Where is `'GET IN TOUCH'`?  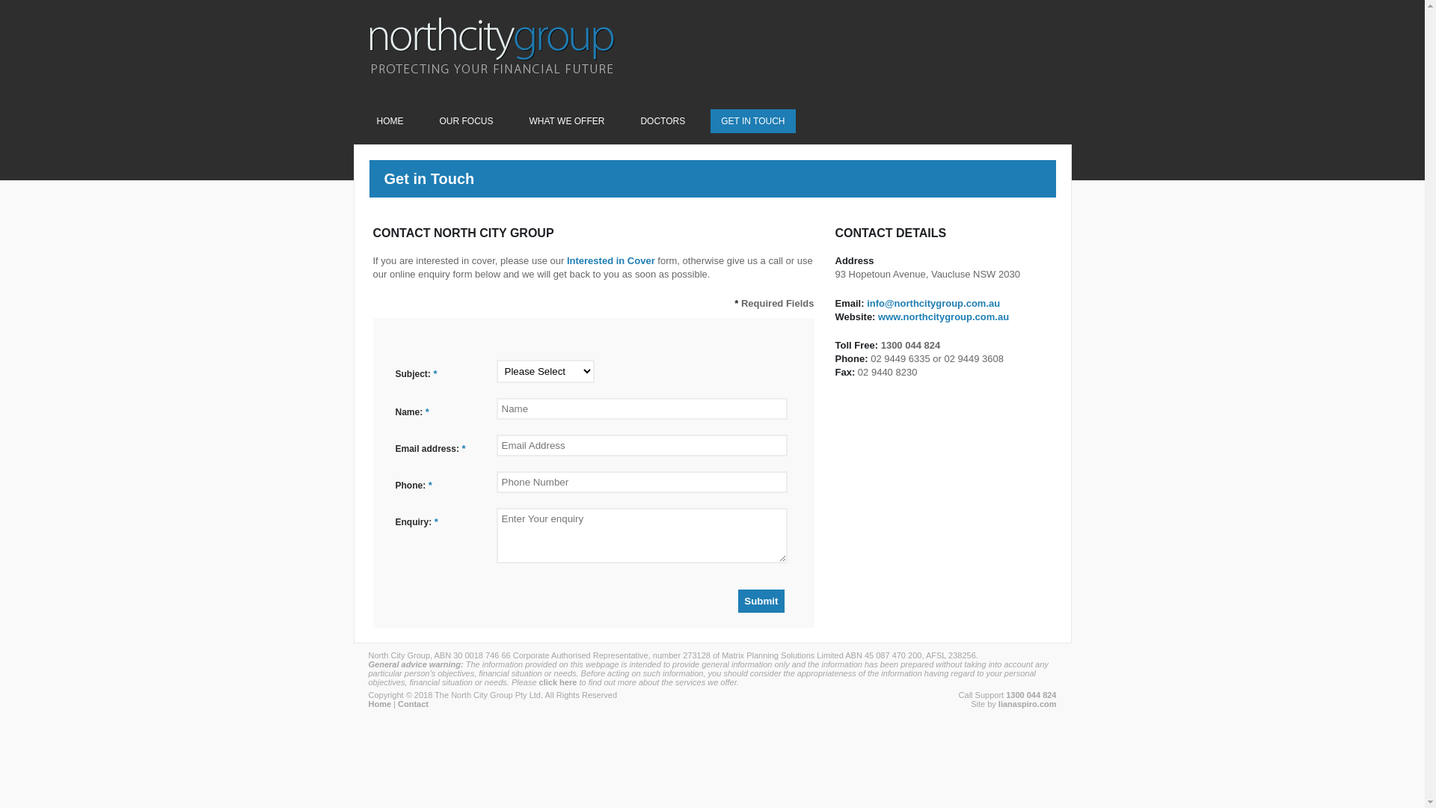 'GET IN TOUCH' is located at coordinates (752, 120).